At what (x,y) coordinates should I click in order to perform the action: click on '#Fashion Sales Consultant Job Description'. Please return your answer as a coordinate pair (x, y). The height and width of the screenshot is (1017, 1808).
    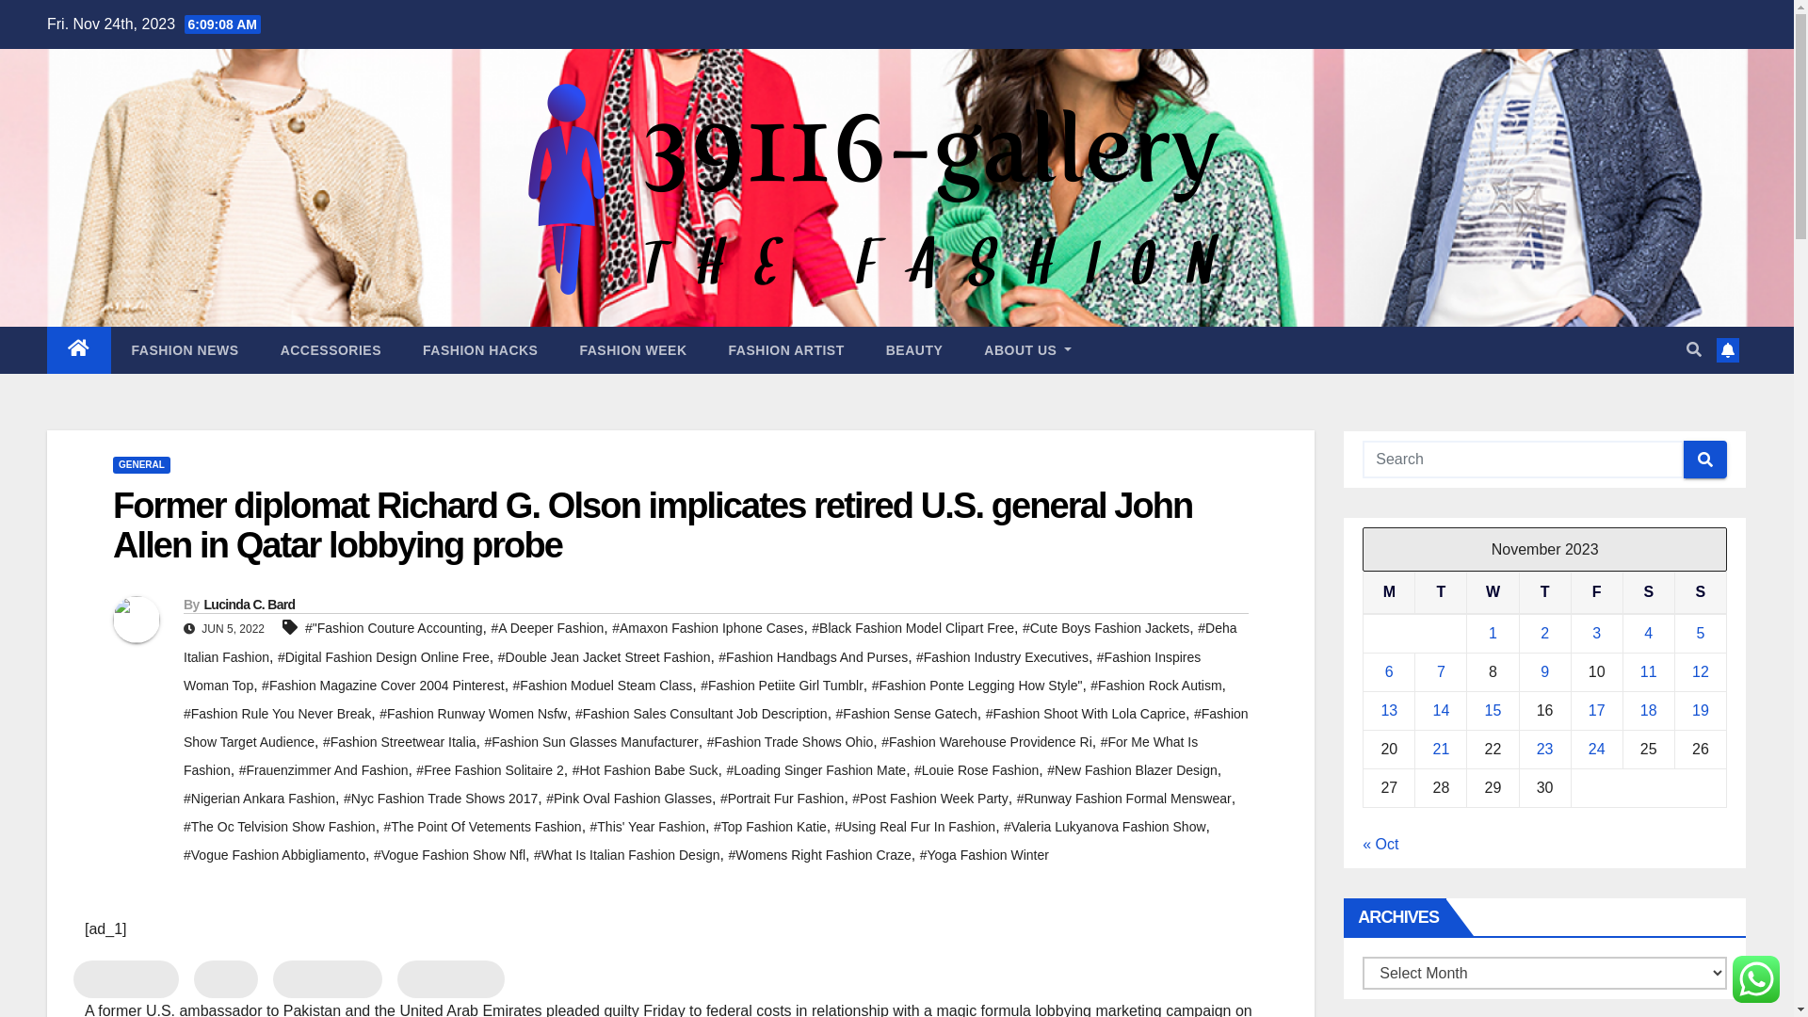
    Looking at the image, I should click on (700, 714).